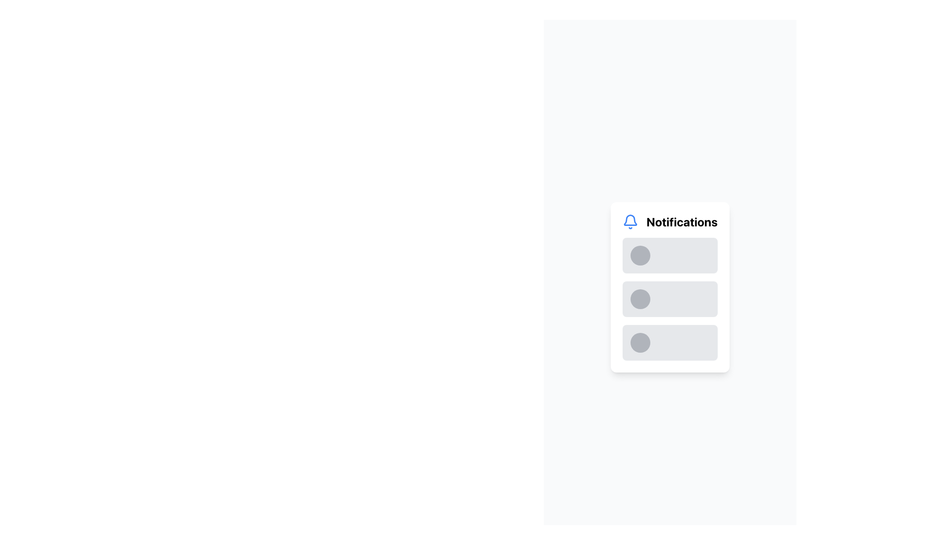 The height and width of the screenshot is (535, 951). Describe the element at coordinates (677, 299) in the screenshot. I see `the light gray placeholder element with rounded corners located centrally in the notifications card` at that location.